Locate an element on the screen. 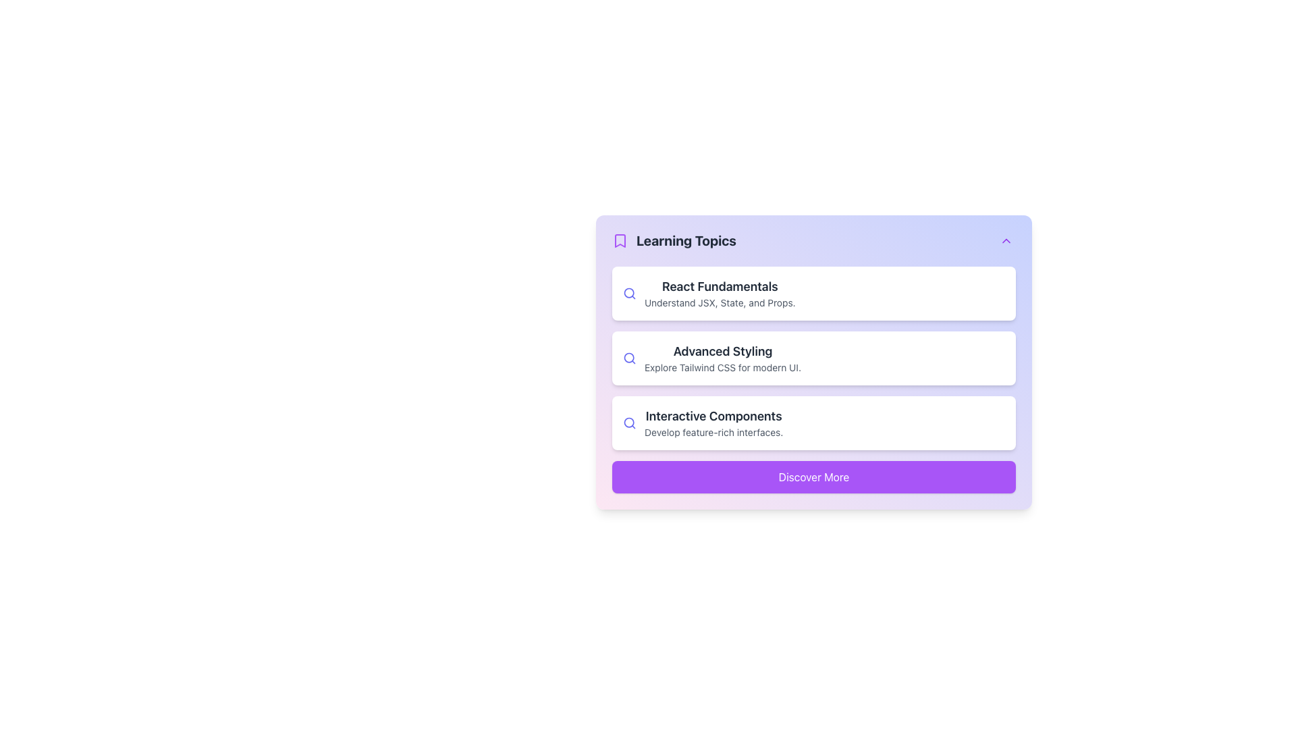 The height and width of the screenshot is (729, 1296). text label that displays 'Develop feature-rich interfaces.' located below the header 'Interactive Components' in the Learning Topics section is located at coordinates (713, 432).